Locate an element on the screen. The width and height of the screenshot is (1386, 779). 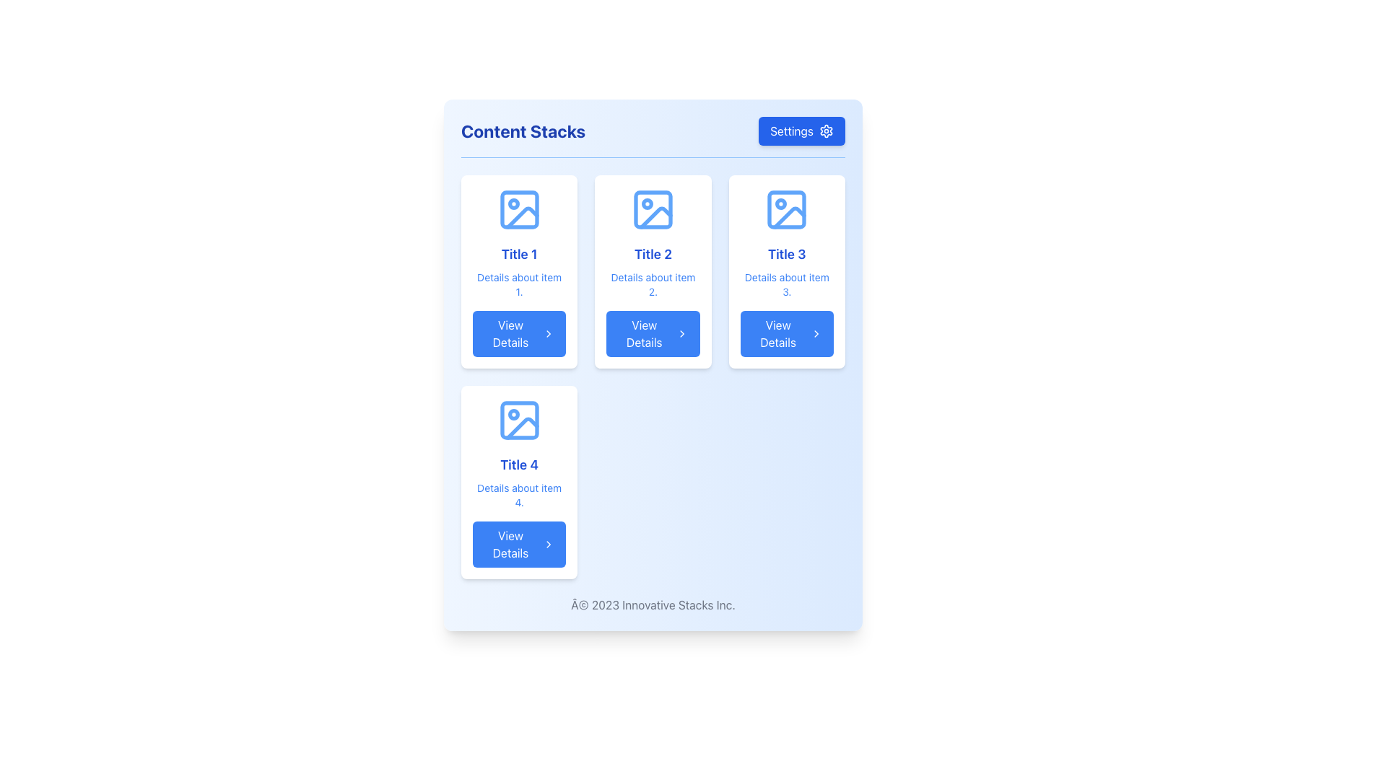
the text label located at the center of the top half of the card, which identifies the item represented by the card and is positioned directly beneath a blue icon is located at coordinates (519, 254).